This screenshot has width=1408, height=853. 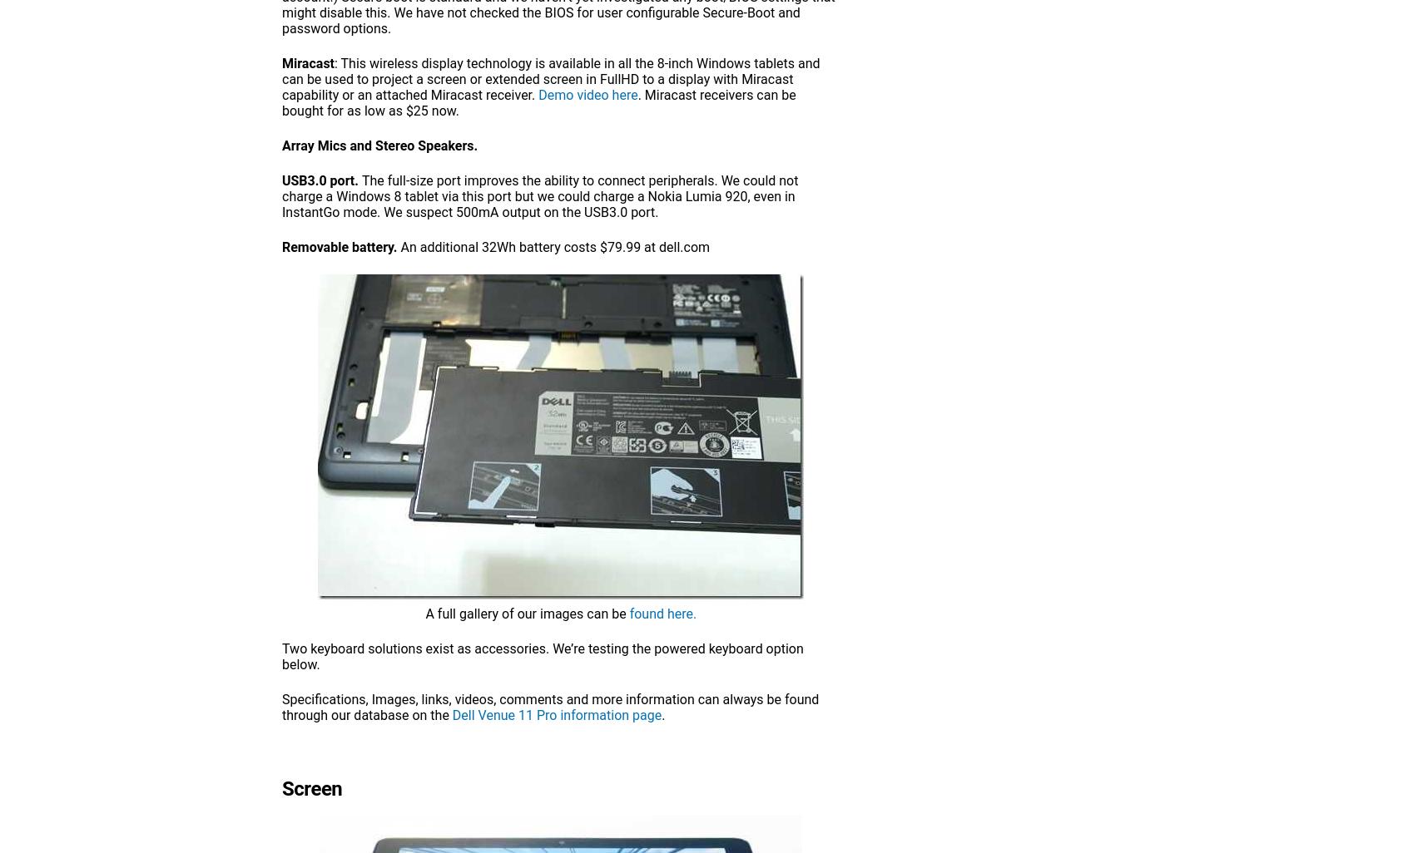 I want to click on '. Miracast receivers can be bought for as low as $25 now.', so click(x=538, y=103).